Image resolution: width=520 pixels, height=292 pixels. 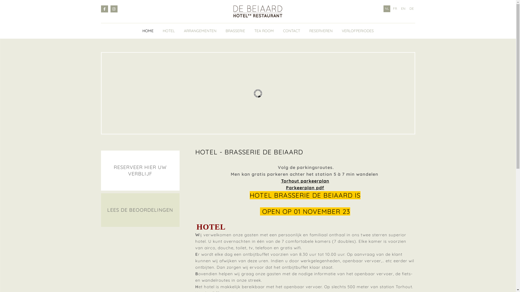 What do you see at coordinates (258, 11) in the screenshot?
I see `'De Beiaard'` at bounding box center [258, 11].